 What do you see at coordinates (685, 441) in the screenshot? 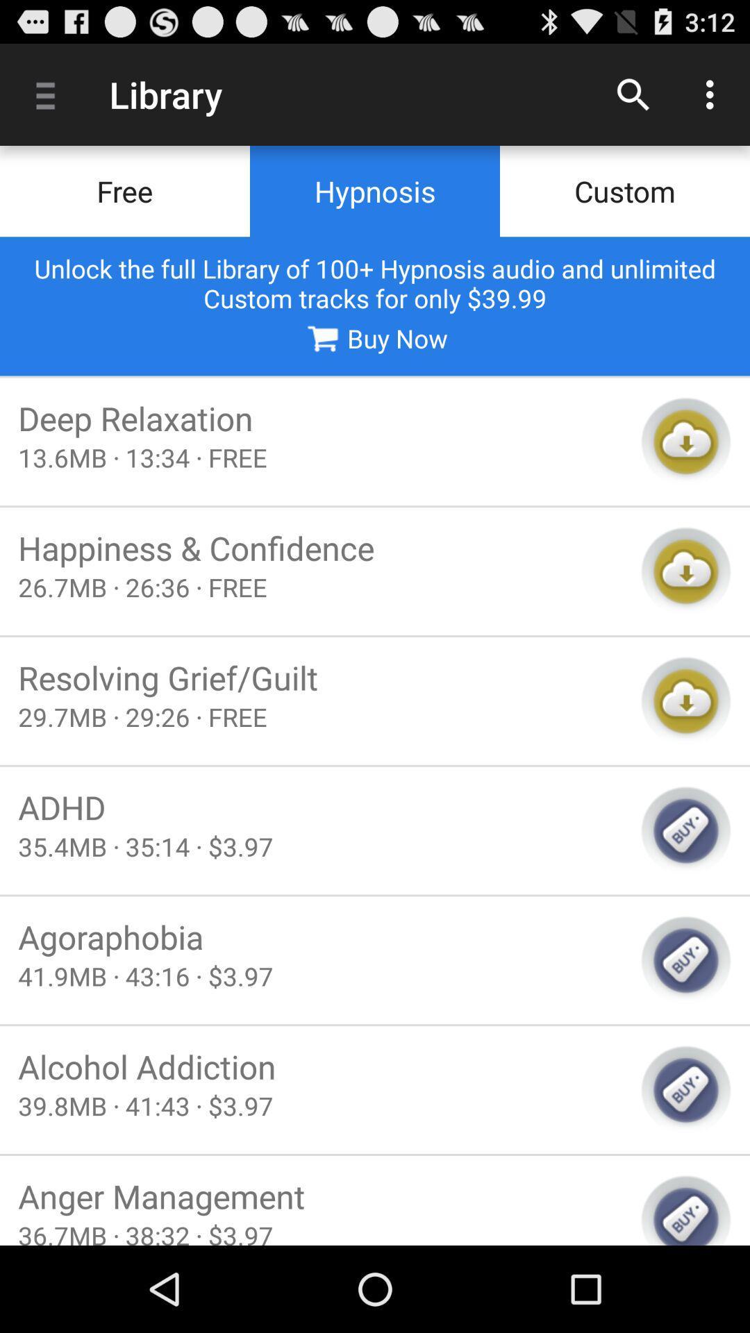
I see `download track` at bounding box center [685, 441].